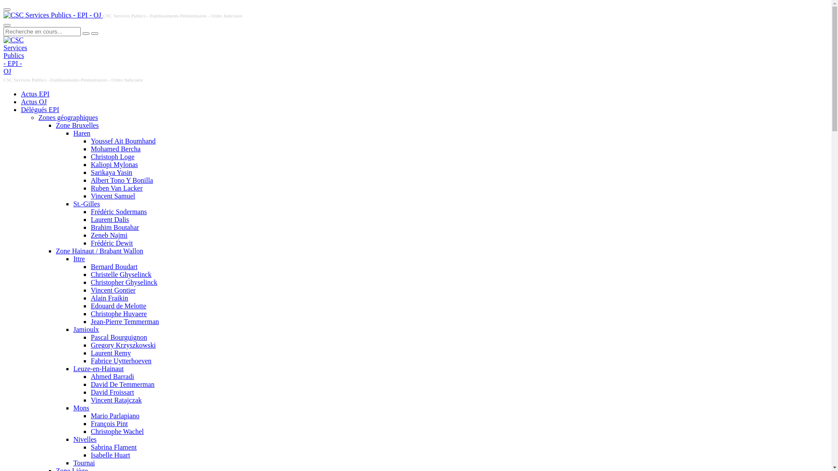 This screenshot has height=471, width=838. Describe the element at coordinates (120, 274) in the screenshot. I see `'Christelle Ghyselinck'` at that location.